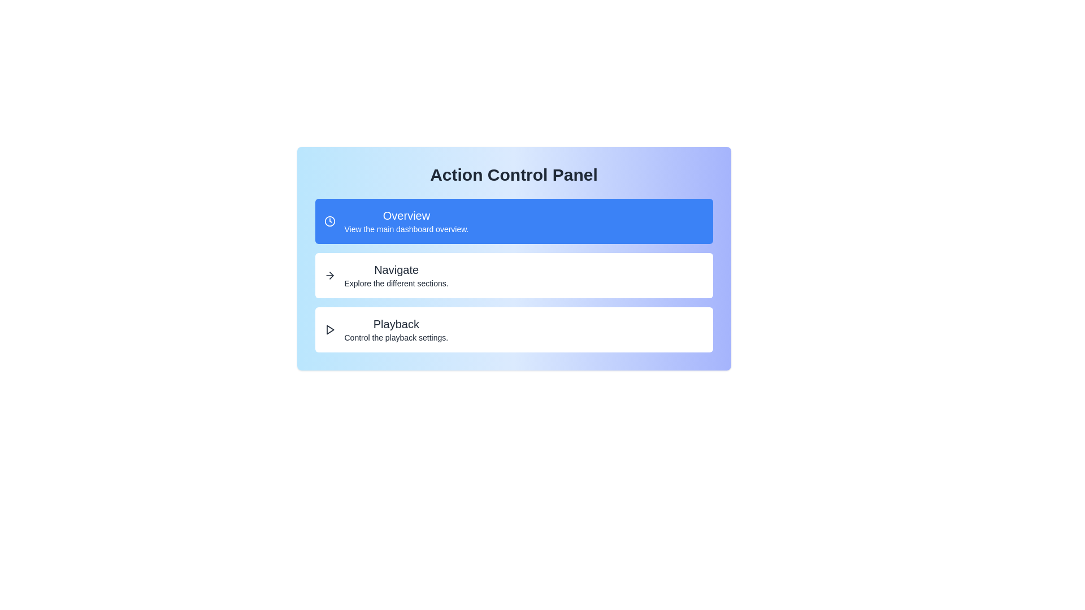  I want to click on the first button in the vertical stack of the 'Action Control Panel', so click(513, 221).